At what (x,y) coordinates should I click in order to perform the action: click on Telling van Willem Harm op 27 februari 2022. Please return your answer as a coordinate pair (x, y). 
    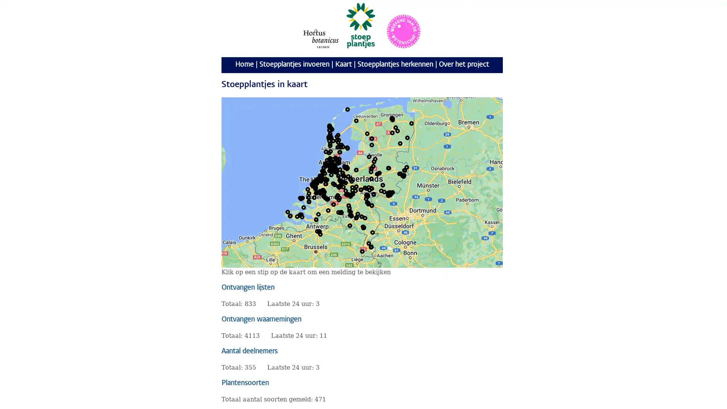
    Looking at the image, I should click on (324, 191).